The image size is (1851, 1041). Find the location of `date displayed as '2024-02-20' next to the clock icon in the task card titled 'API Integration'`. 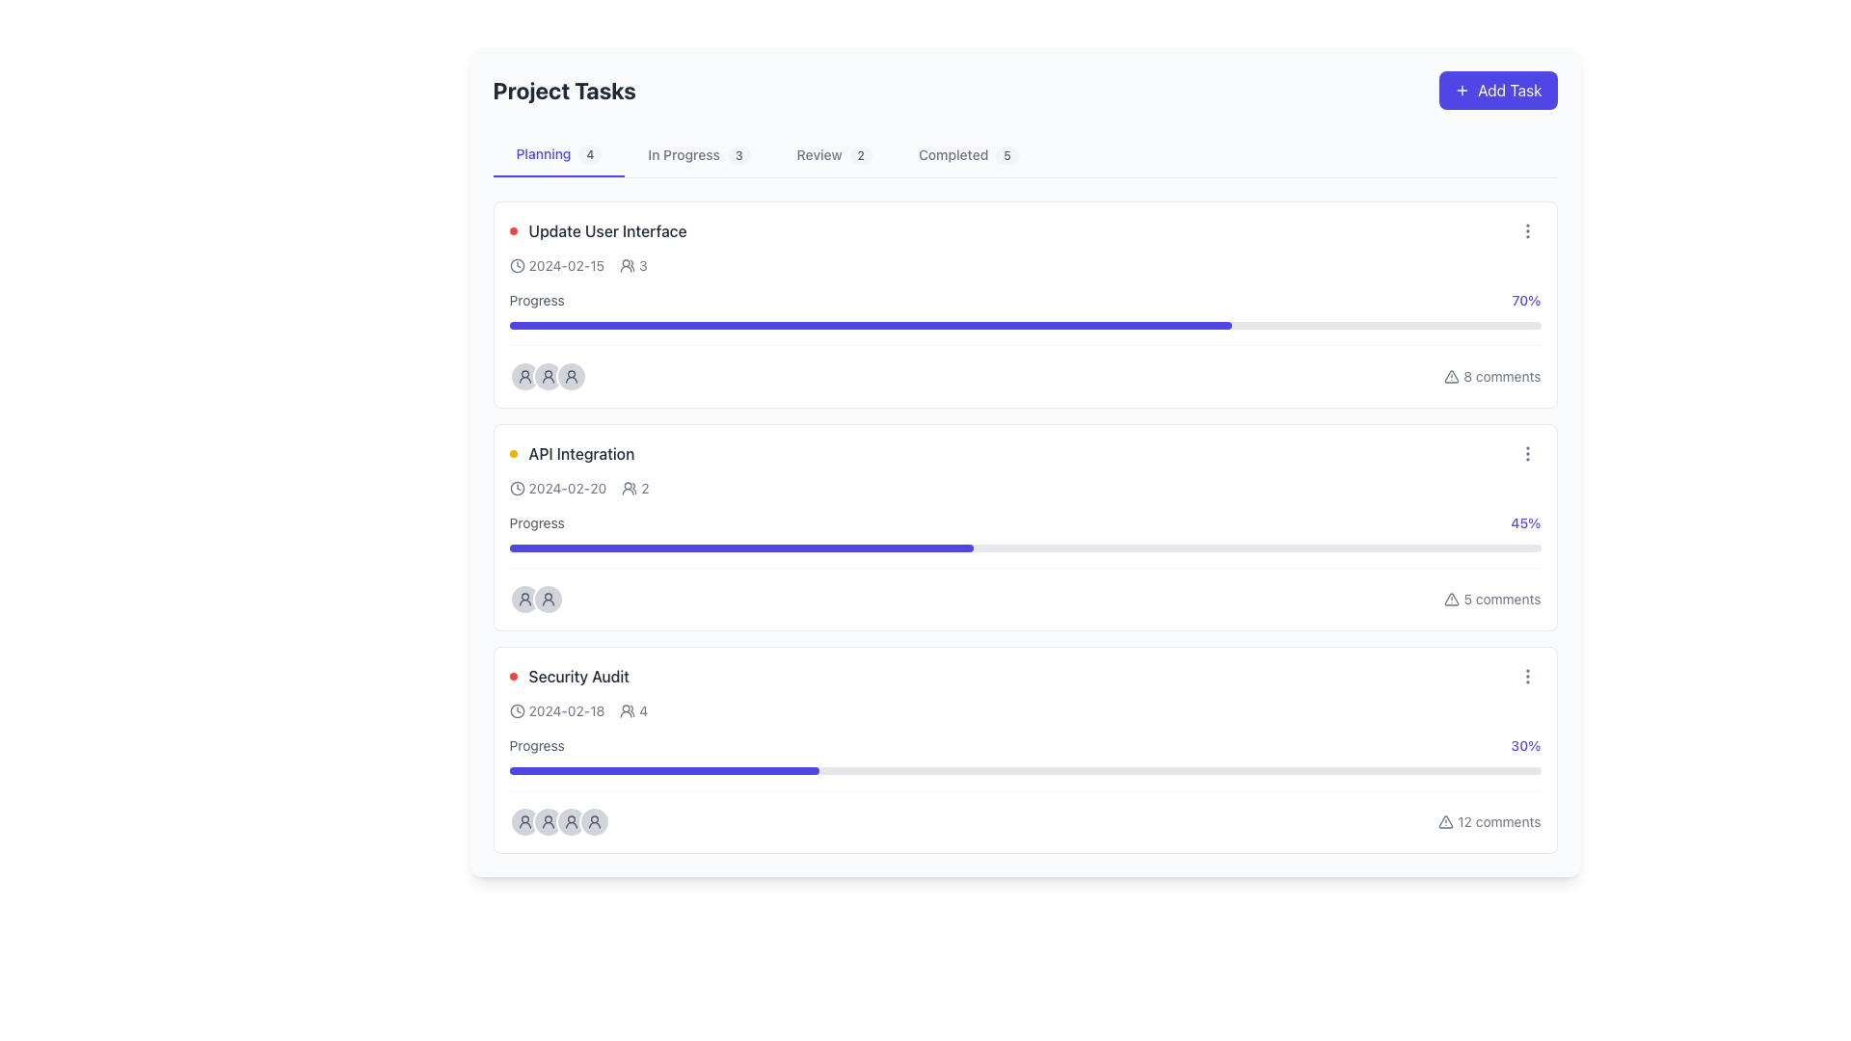

date displayed as '2024-02-20' next to the clock icon in the task card titled 'API Integration' is located at coordinates (556, 487).